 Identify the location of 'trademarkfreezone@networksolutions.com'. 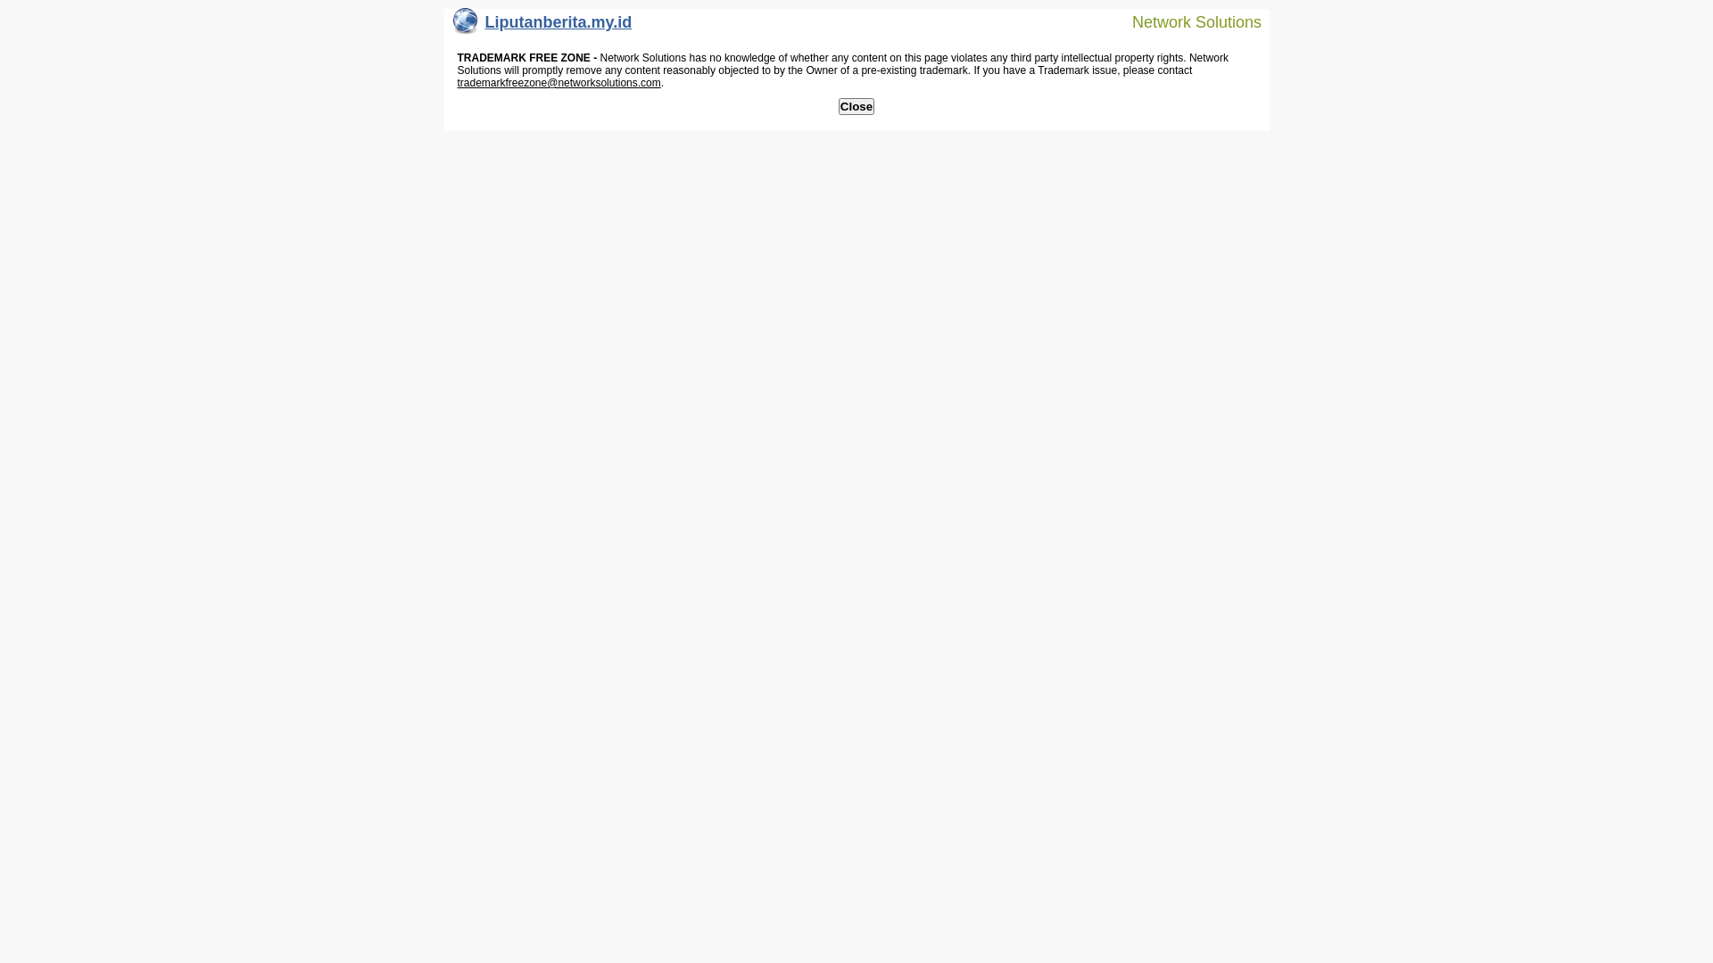
(557, 82).